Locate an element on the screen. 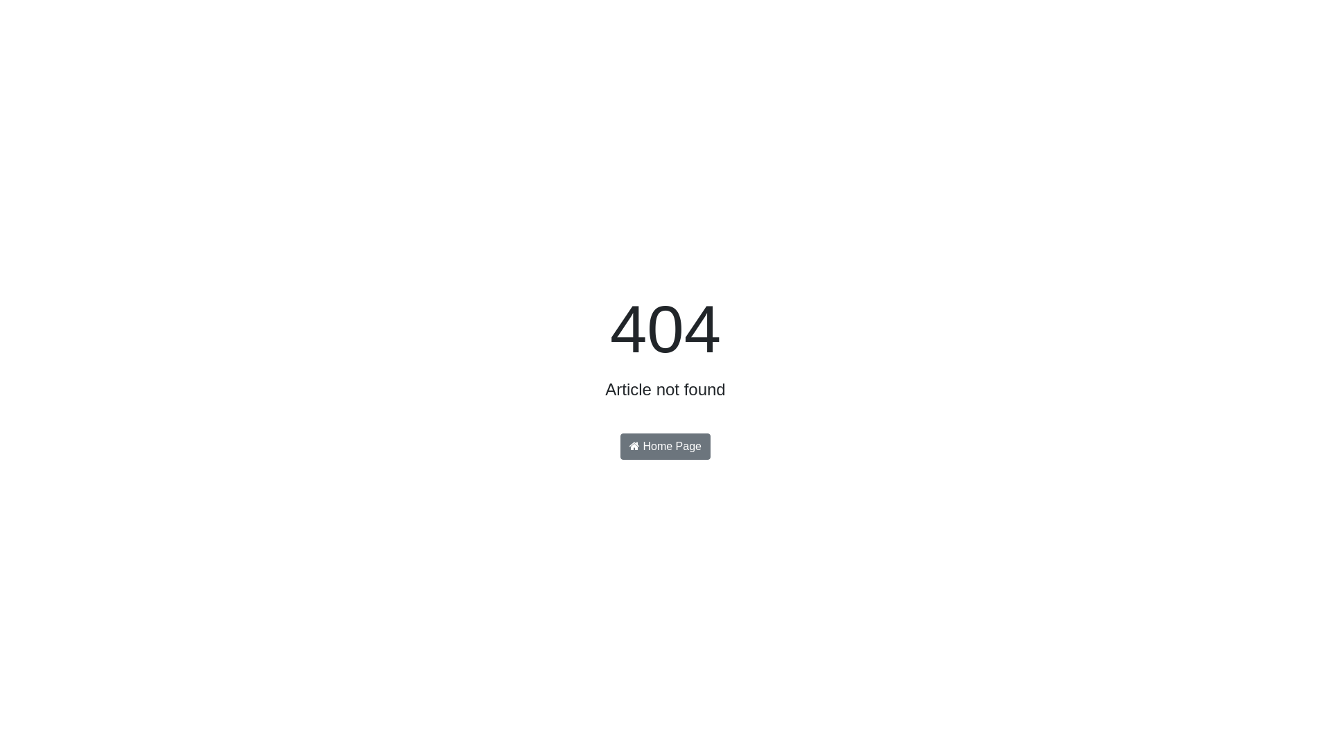 This screenshot has height=749, width=1331. 'Home Page' is located at coordinates (619, 447).